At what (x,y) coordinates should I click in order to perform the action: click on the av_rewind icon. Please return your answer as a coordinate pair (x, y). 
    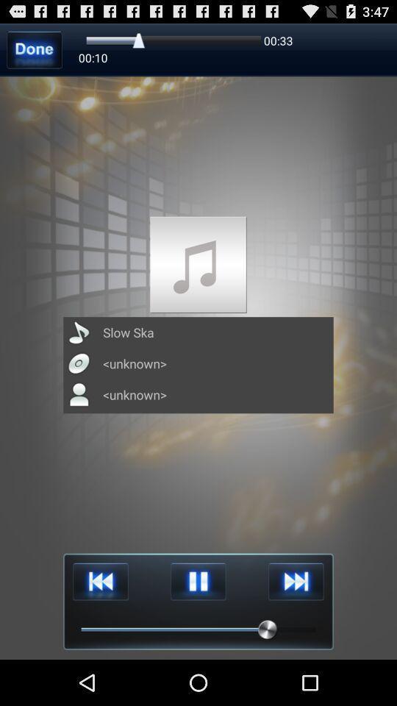
    Looking at the image, I should click on (100, 621).